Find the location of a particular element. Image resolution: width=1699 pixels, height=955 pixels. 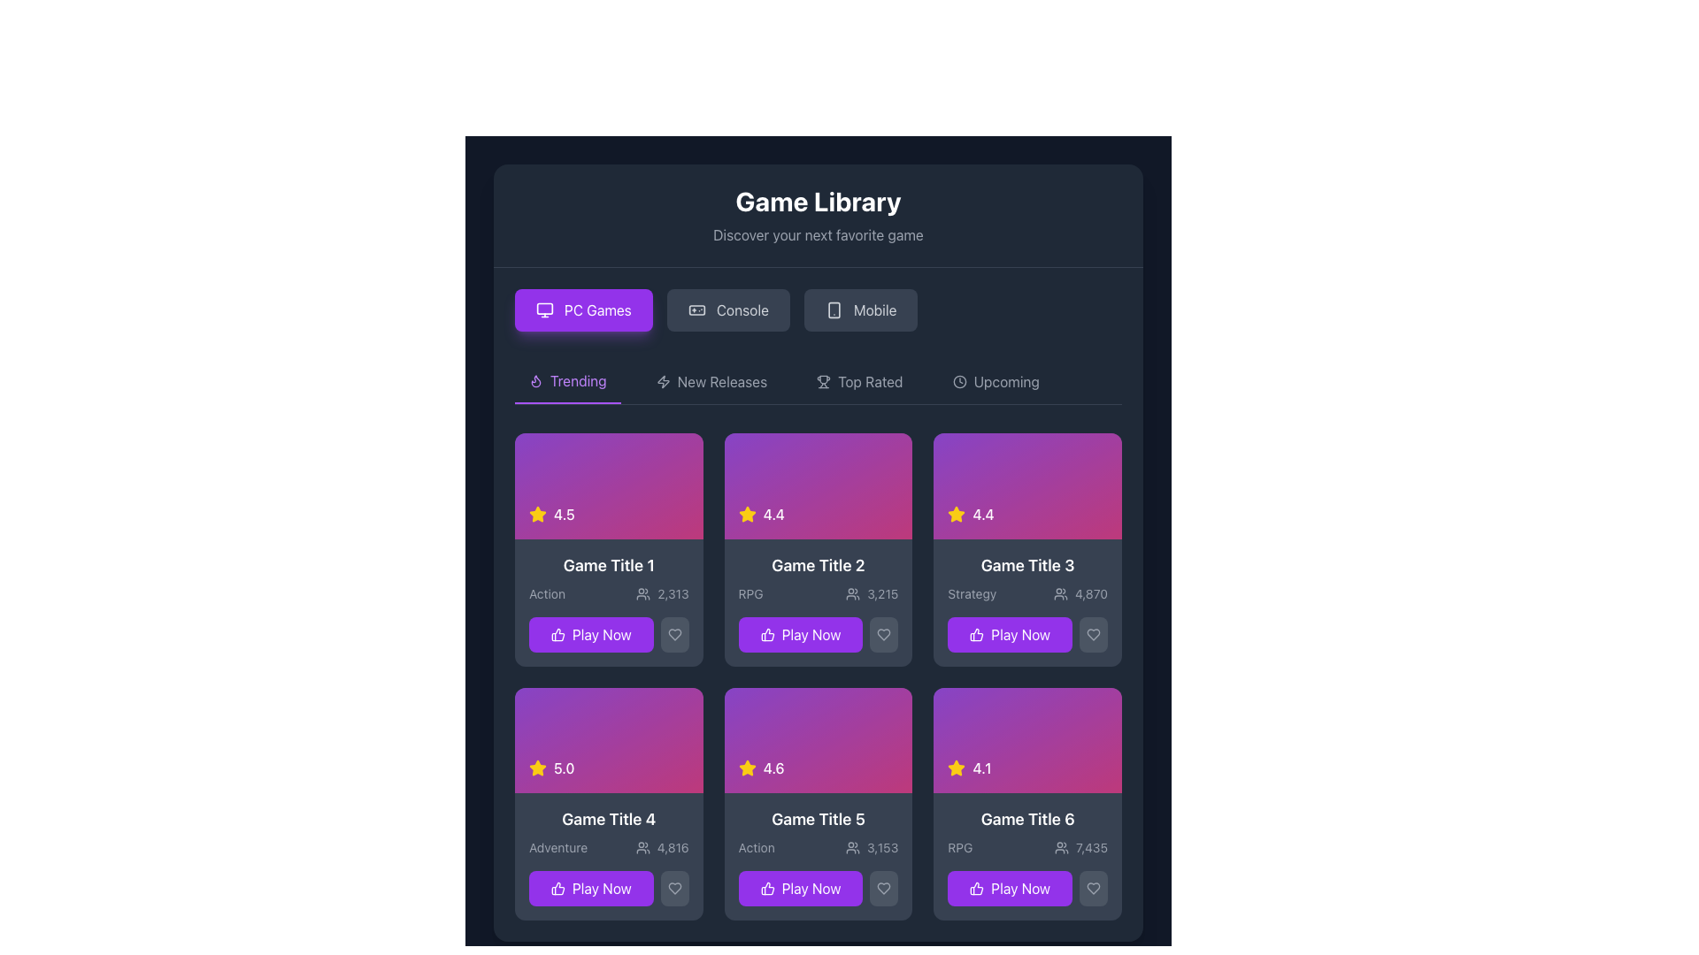

the SVG Circle element, which is a circular shape with an apparent stroke, located in the top-center area of the interface is located at coordinates (958, 381).